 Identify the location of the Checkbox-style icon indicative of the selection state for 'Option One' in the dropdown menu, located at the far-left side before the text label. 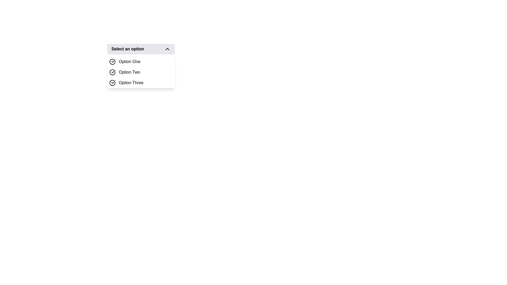
(112, 61).